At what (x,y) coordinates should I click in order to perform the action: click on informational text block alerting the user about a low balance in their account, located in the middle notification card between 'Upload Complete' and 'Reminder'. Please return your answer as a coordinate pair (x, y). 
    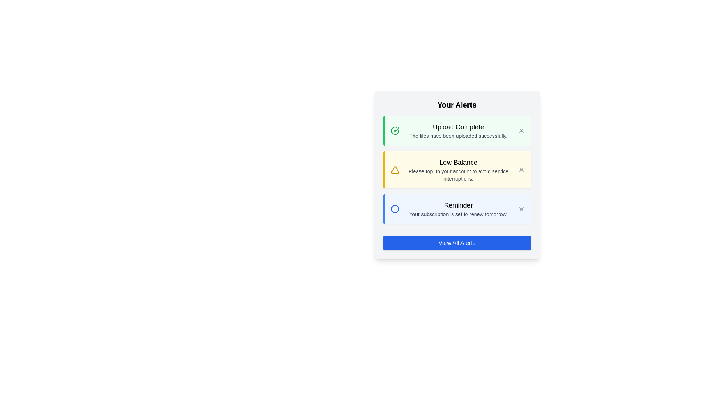
    Looking at the image, I should click on (458, 170).